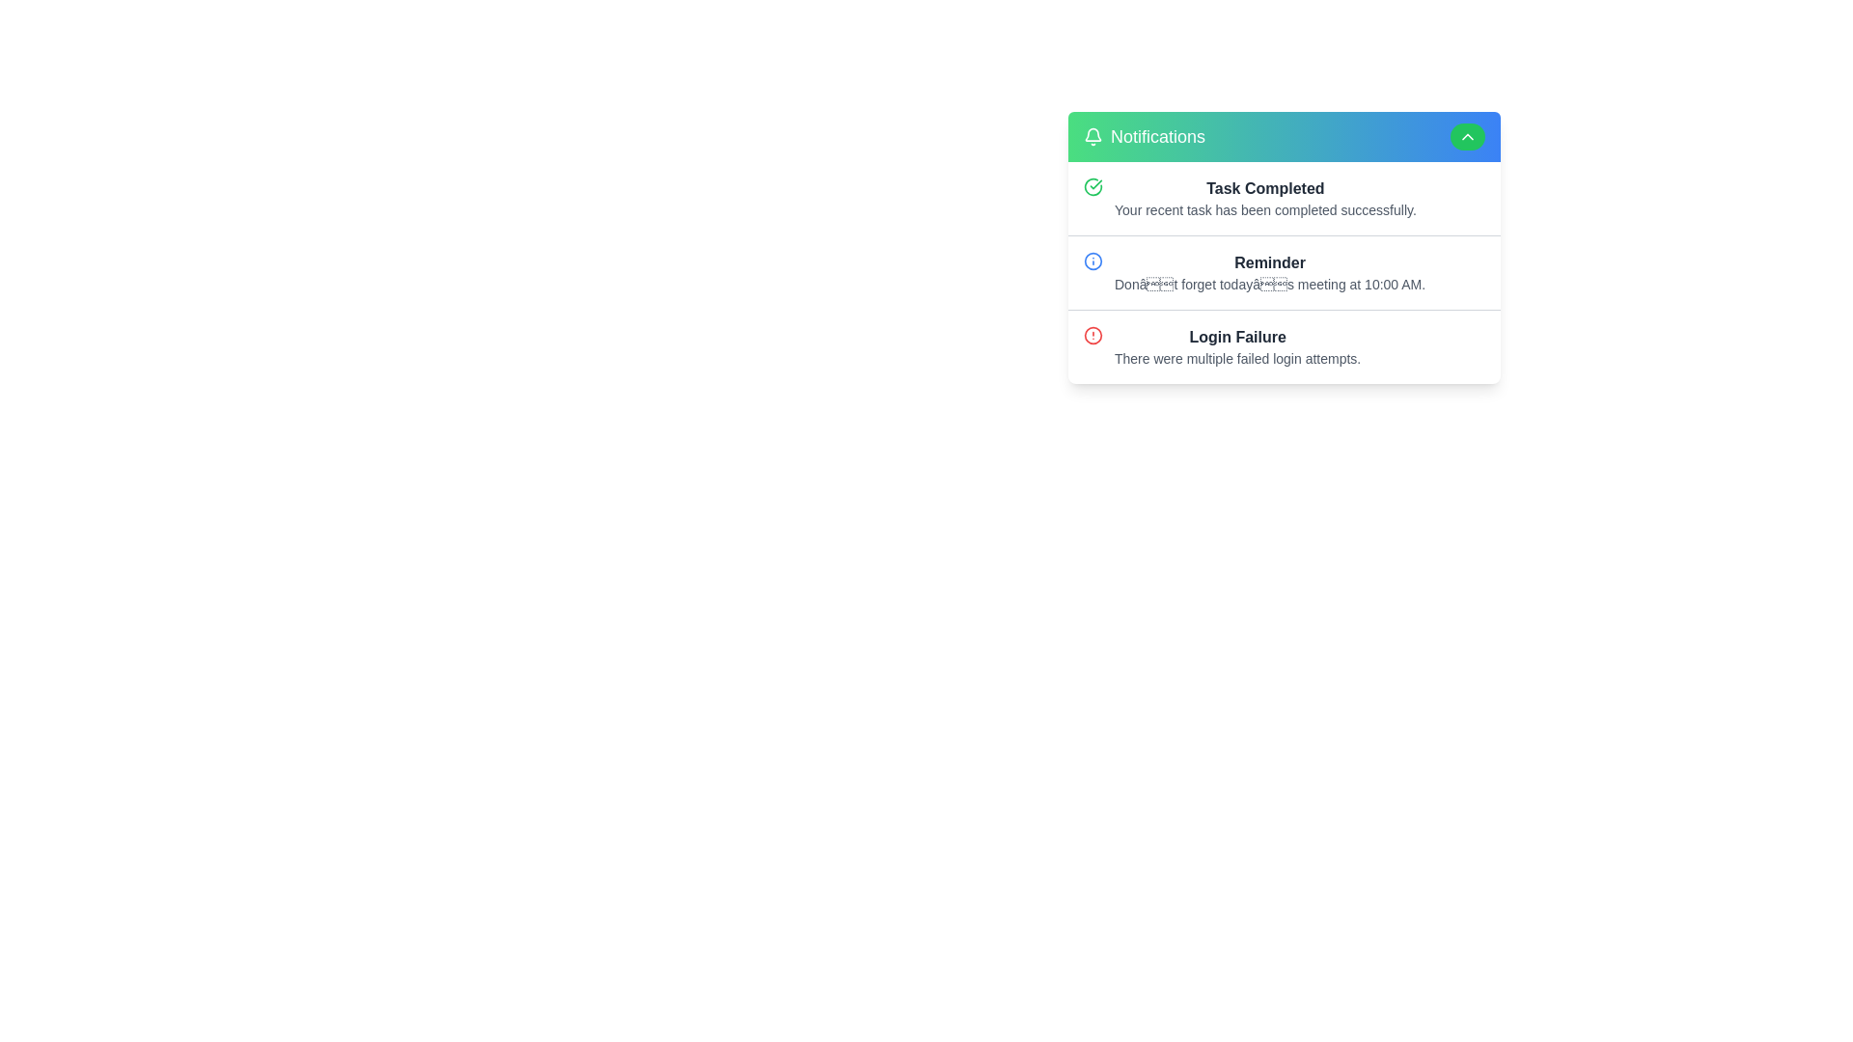  I want to click on message in the Notifications section that indicates 'Task Completed' with the details of the completion status, so click(1265, 198).